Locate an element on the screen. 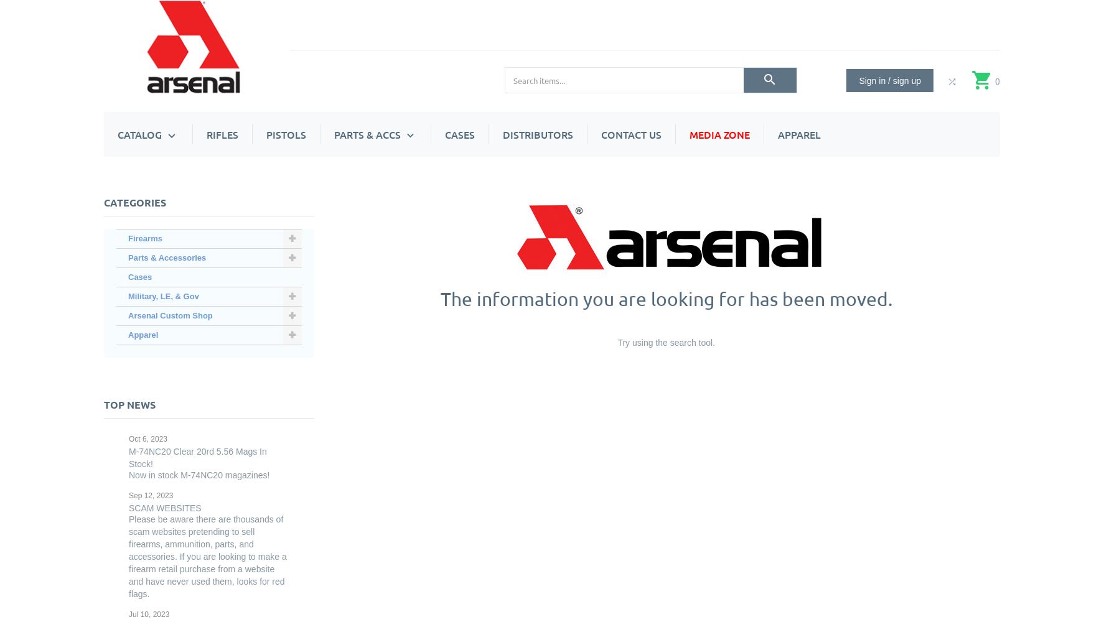 The width and height of the screenshot is (1104, 622). 'Optic Mounts & Rails' is located at coordinates (292, 450).